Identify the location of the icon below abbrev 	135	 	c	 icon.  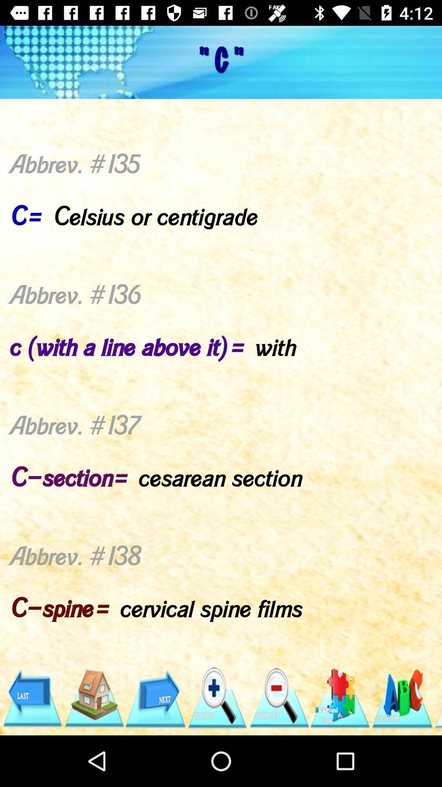
(155, 698).